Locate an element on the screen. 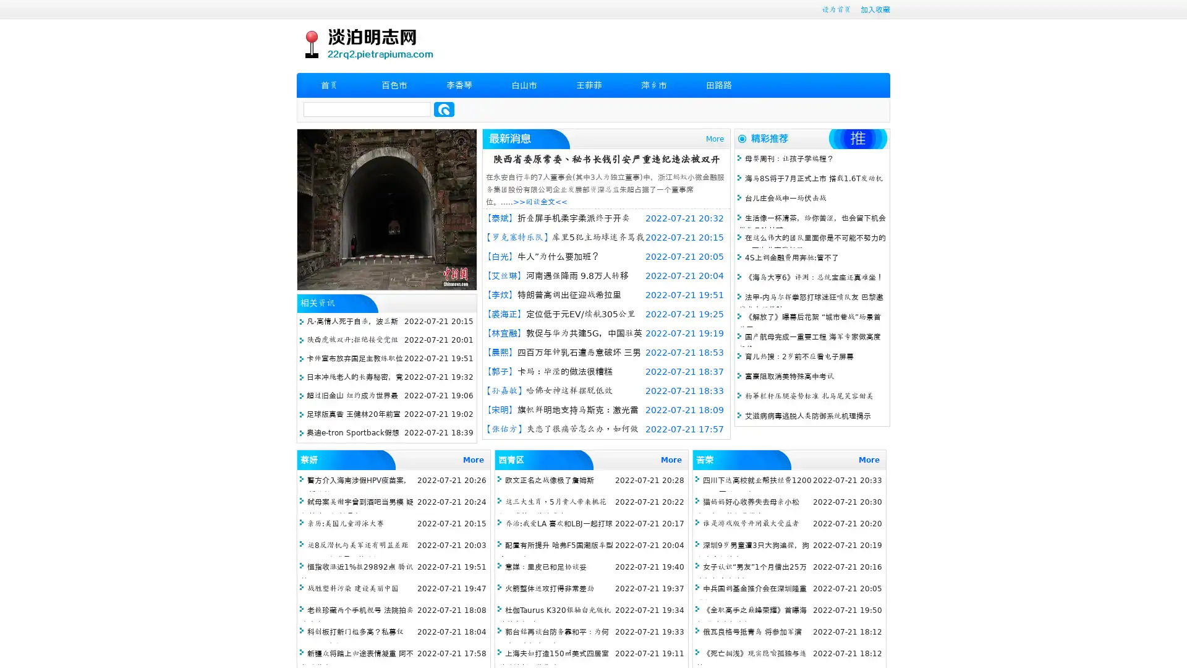 Image resolution: width=1187 pixels, height=668 pixels. Search is located at coordinates (444, 109).